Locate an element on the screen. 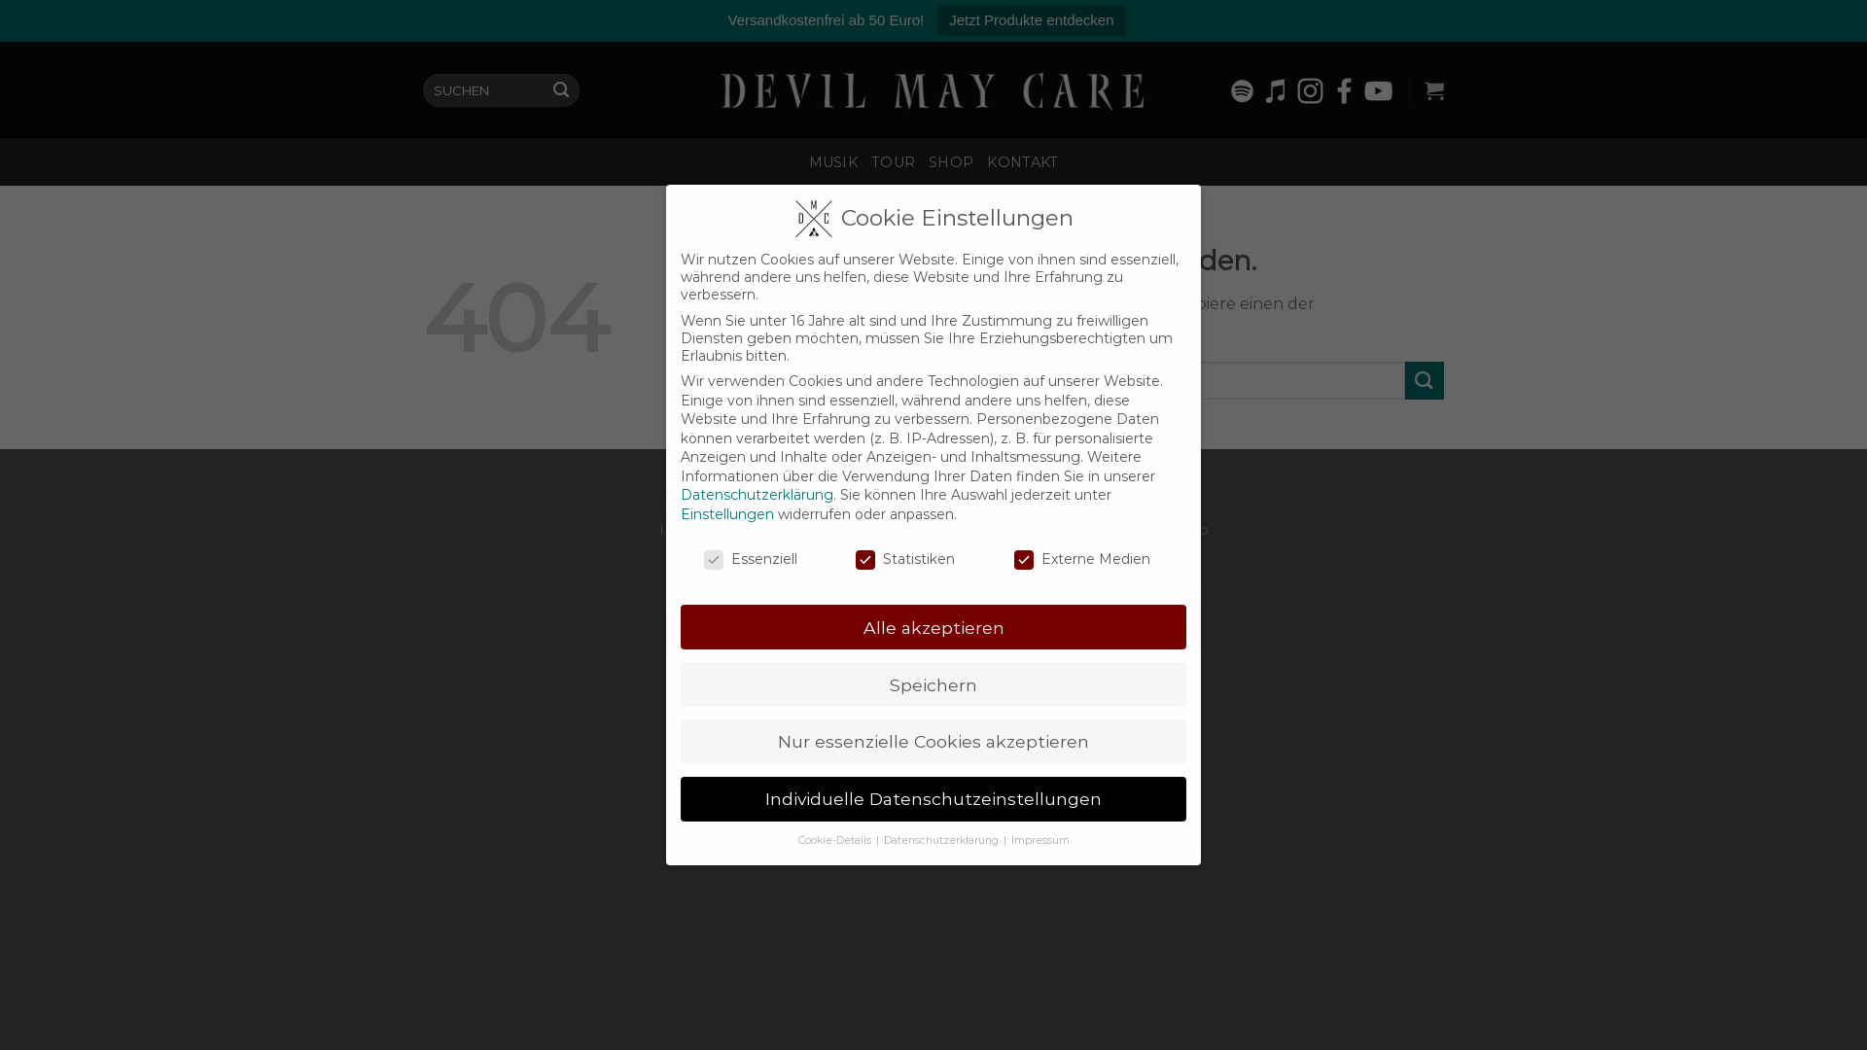 This screenshot has height=1050, width=1867. 'Alle akzeptieren' is located at coordinates (933, 626).